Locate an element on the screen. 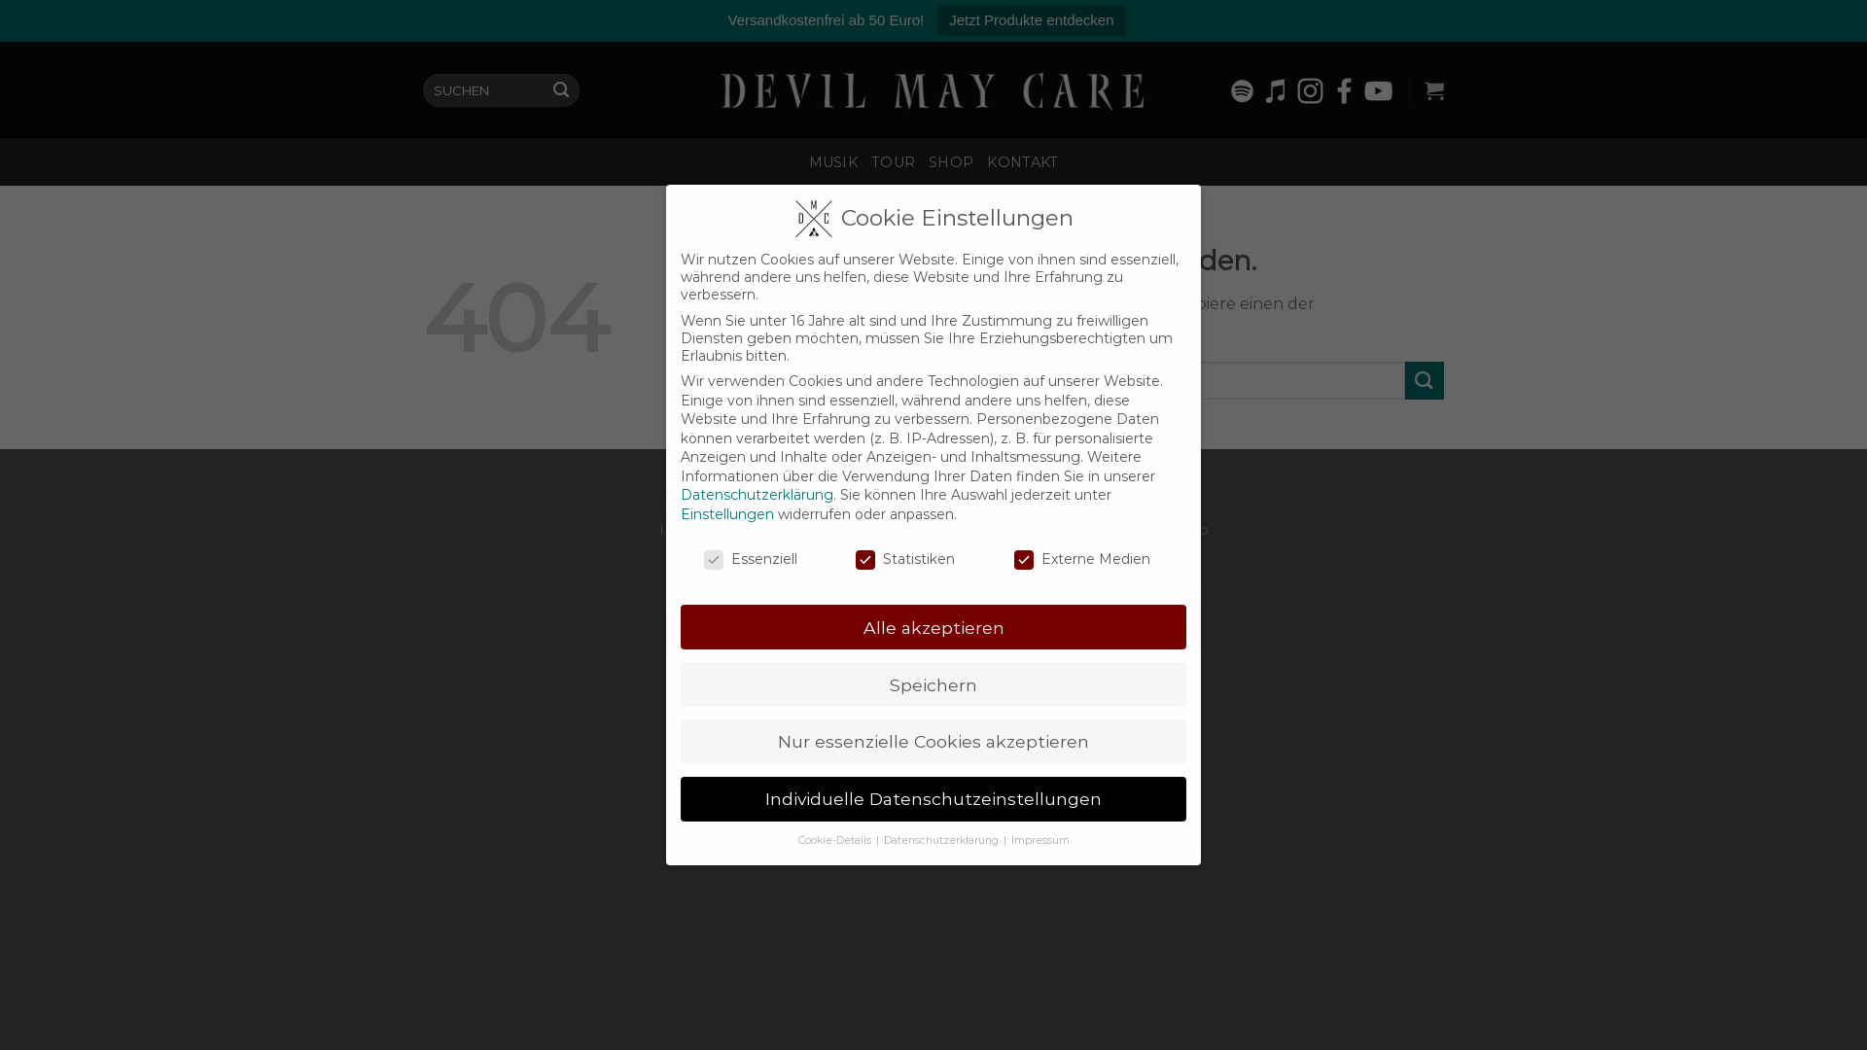 This screenshot has height=1050, width=1867. 'Alle akzeptieren' is located at coordinates (933, 626).